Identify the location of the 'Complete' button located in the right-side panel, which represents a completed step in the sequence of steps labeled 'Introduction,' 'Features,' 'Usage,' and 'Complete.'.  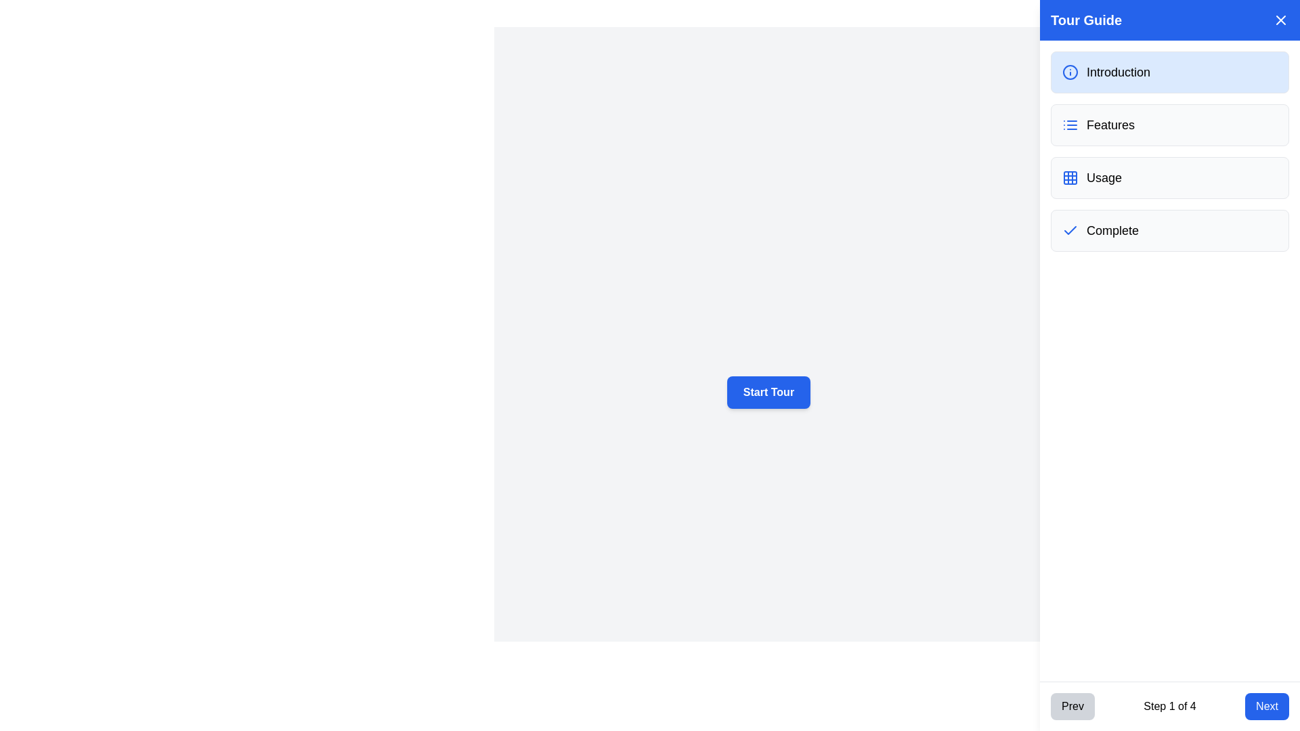
(1169, 229).